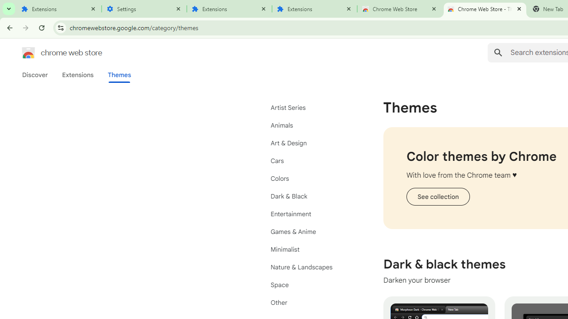 This screenshot has height=319, width=568. Describe the element at coordinates (311, 302) in the screenshot. I see `'Other'` at that location.